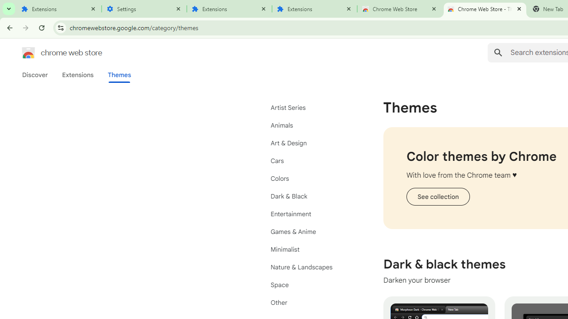 This screenshot has height=319, width=568. Describe the element at coordinates (311, 302) in the screenshot. I see `'Other'` at that location.